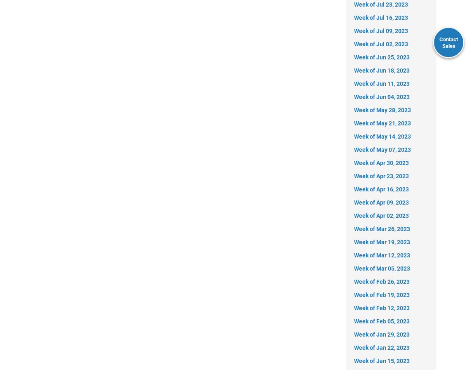 The height and width of the screenshot is (370, 474). Describe the element at coordinates (382, 109) in the screenshot. I see `'Week of May 28, 2023'` at that location.